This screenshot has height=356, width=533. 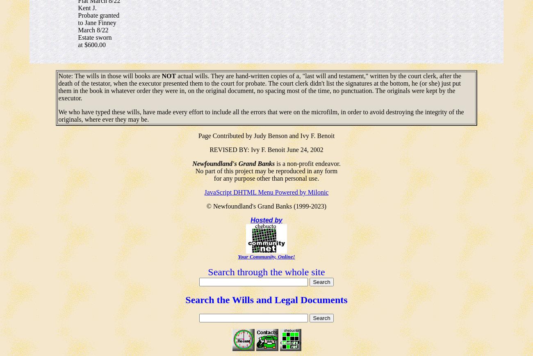 What do you see at coordinates (251, 220) in the screenshot?
I see `'Hosted by'` at bounding box center [251, 220].